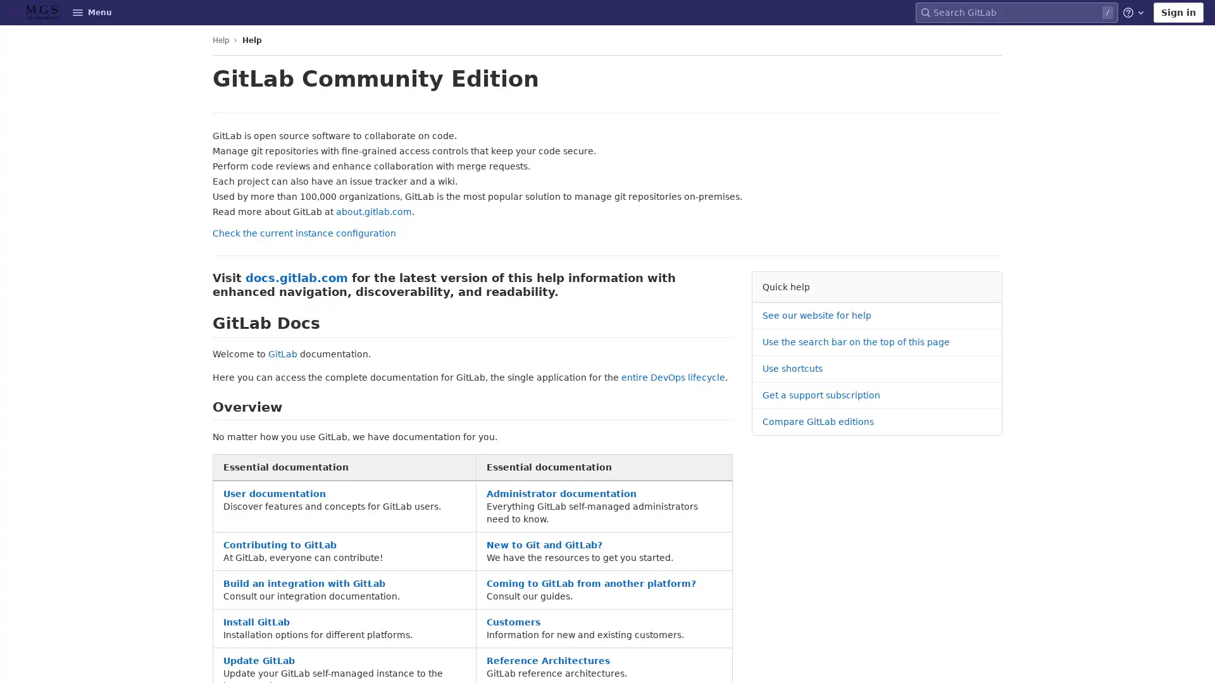 This screenshot has height=683, width=1215. Describe the element at coordinates (792, 369) in the screenshot. I see `Use shortcuts` at that location.